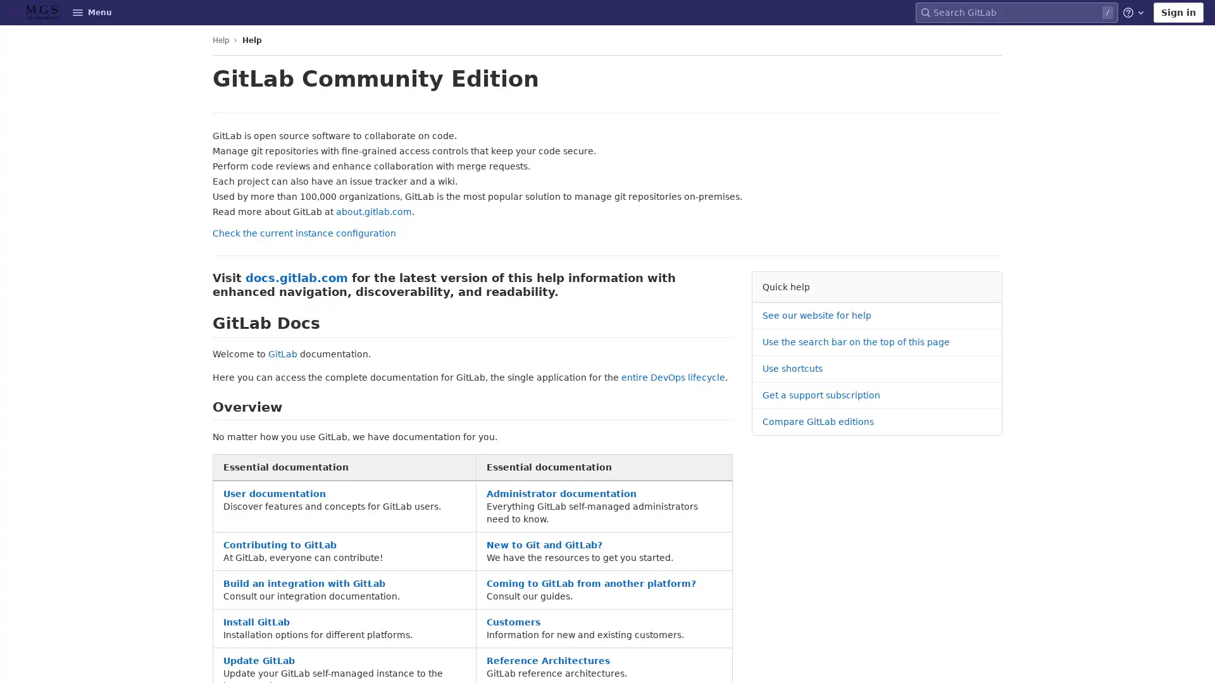 This screenshot has height=683, width=1215. Describe the element at coordinates (792, 369) in the screenshot. I see `Use shortcuts` at that location.